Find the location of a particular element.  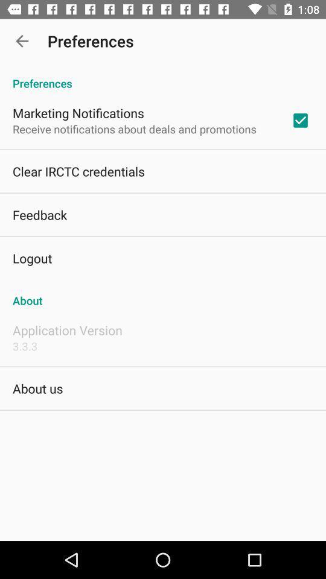

the marketing notifications app is located at coordinates (78, 113).